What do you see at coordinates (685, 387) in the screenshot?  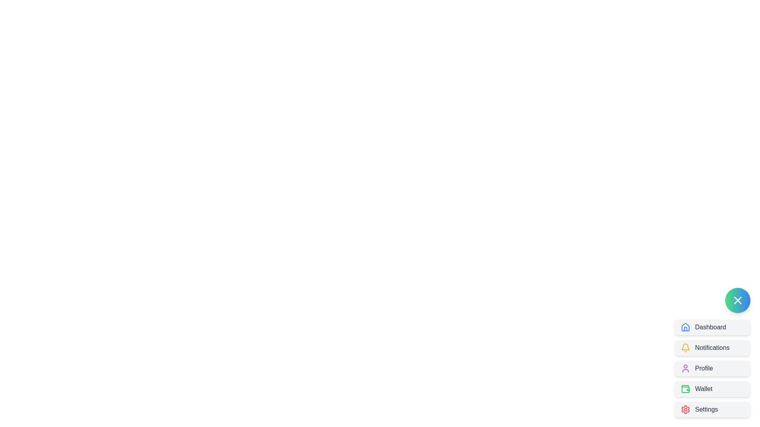 I see `the 'Wallet' icon, which is the fourth option in the sidebar menu` at bounding box center [685, 387].